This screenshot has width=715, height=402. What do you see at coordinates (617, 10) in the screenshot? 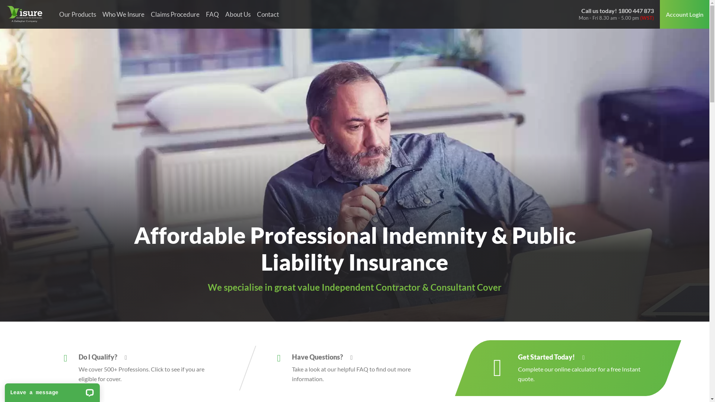
I see `'Call us today! 1800 447 873'` at bounding box center [617, 10].